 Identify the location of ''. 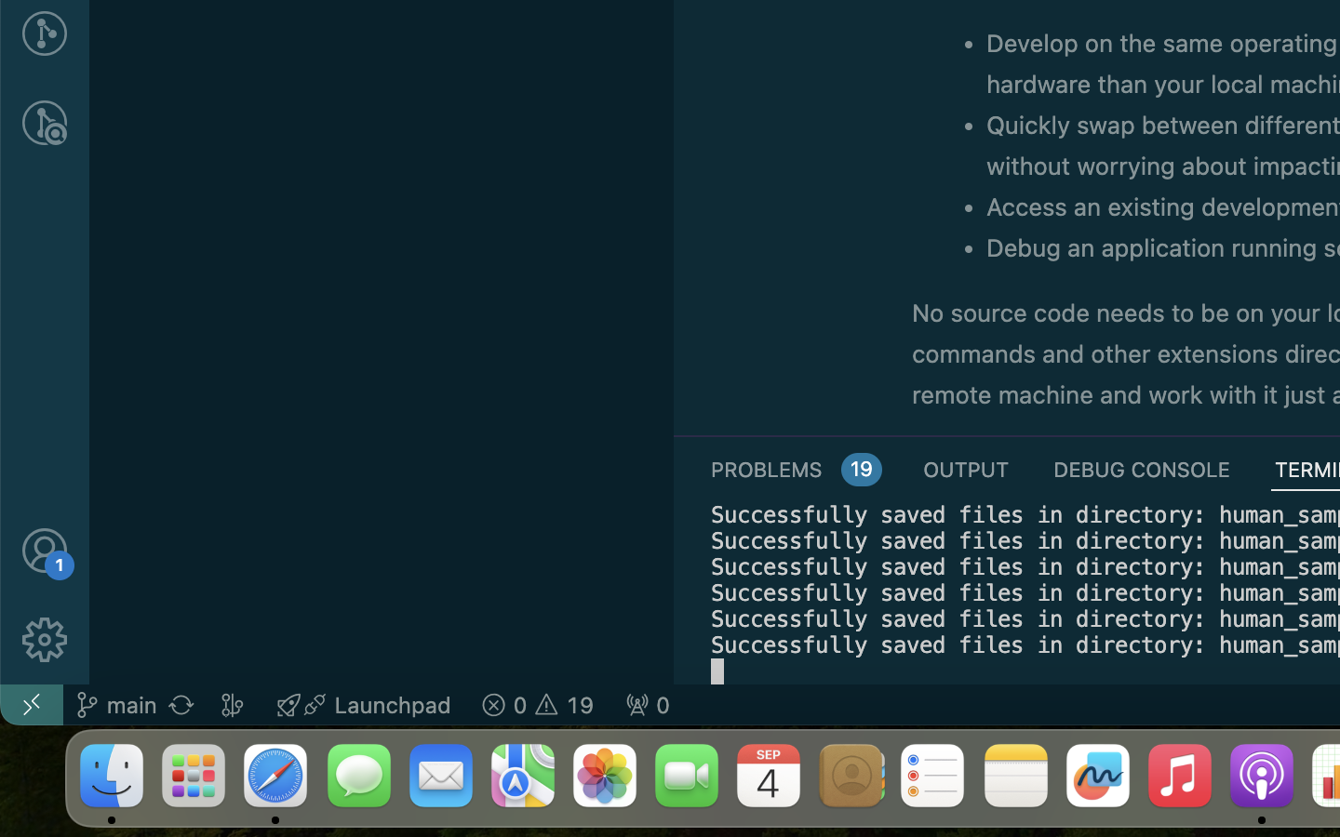
(43, 123).